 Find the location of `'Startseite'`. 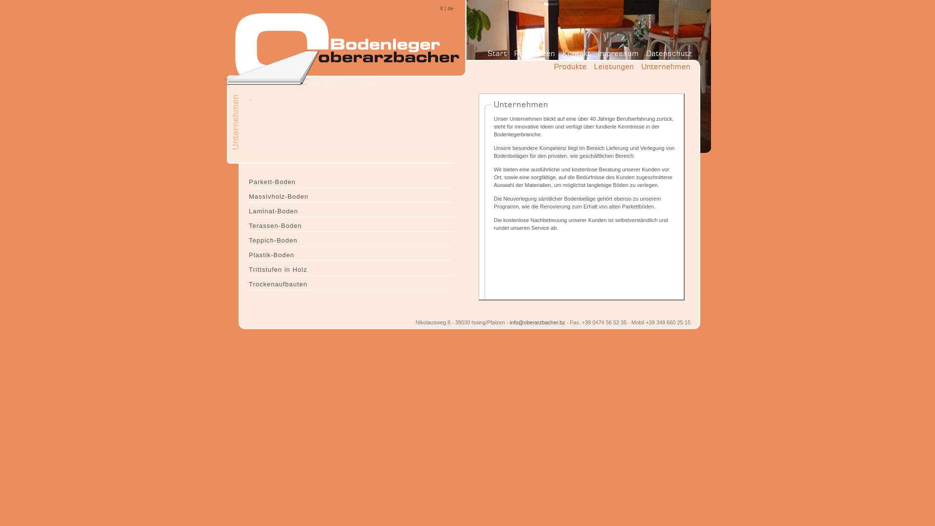

'Startseite' is located at coordinates (346, 45).